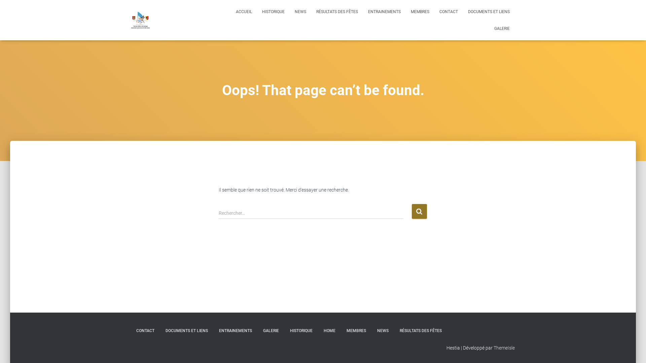 This screenshot has height=363, width=646. Describe the element at coordinates (243, 11) in the screenshot. I see `'ACCUEIL'` at that location.